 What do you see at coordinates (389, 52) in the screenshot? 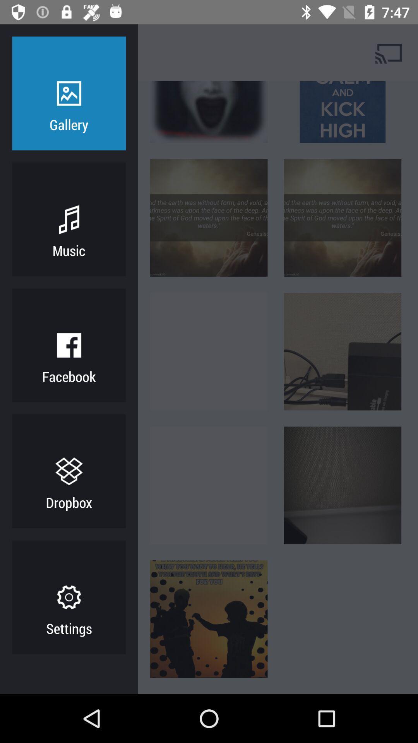
I see `cast screen on tv` at bounding box center [389, 52].